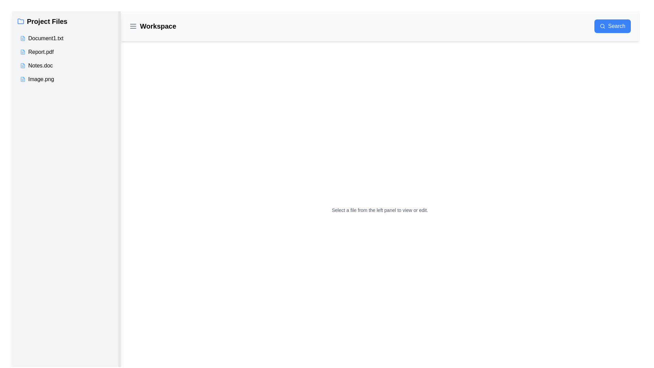 Image resolution: width=654 pixels, height=368 pixels. What do you see at coordinates (152, 26) in the screenshot?
I see `the 'Workspace' text label, which serves as a visual indicator for the current context in the header panel` at bounding box center [152, 26].